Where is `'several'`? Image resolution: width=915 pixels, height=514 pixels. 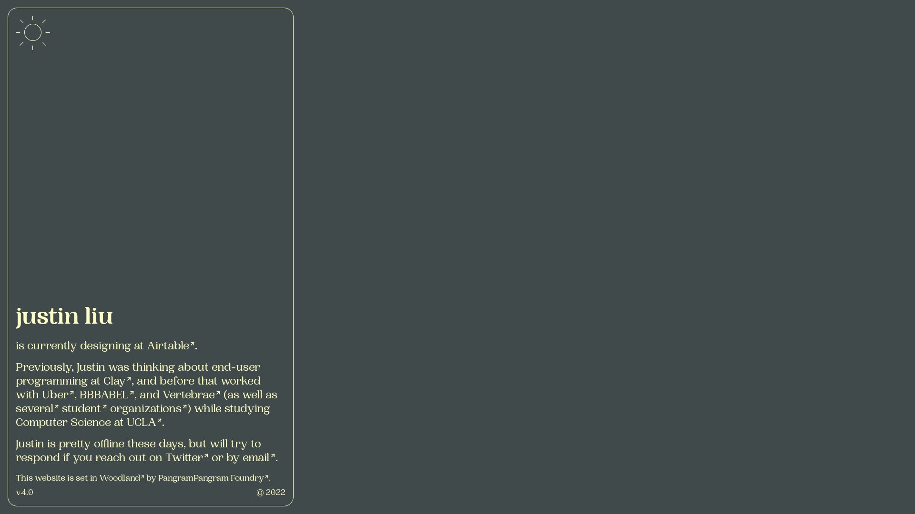 'several' is located at coordinates (16, 409).